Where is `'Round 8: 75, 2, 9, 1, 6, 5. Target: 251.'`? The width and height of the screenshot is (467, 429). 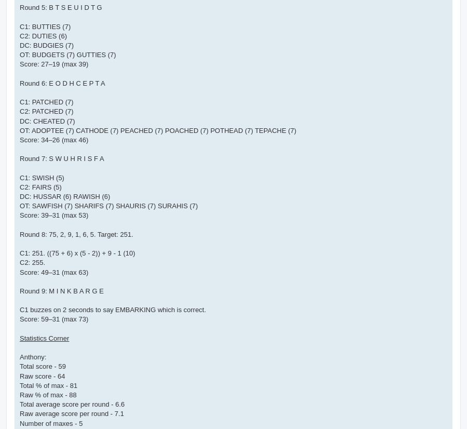
'Round 8: 75, 2, 9, 1, 6, 5. Target: 251.' is located at coordinates (76, 233).